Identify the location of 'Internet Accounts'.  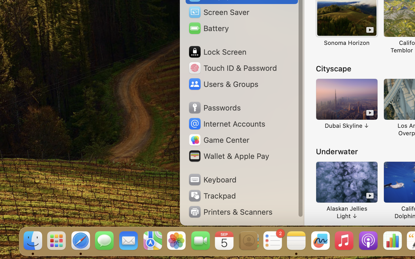
(226, 124).